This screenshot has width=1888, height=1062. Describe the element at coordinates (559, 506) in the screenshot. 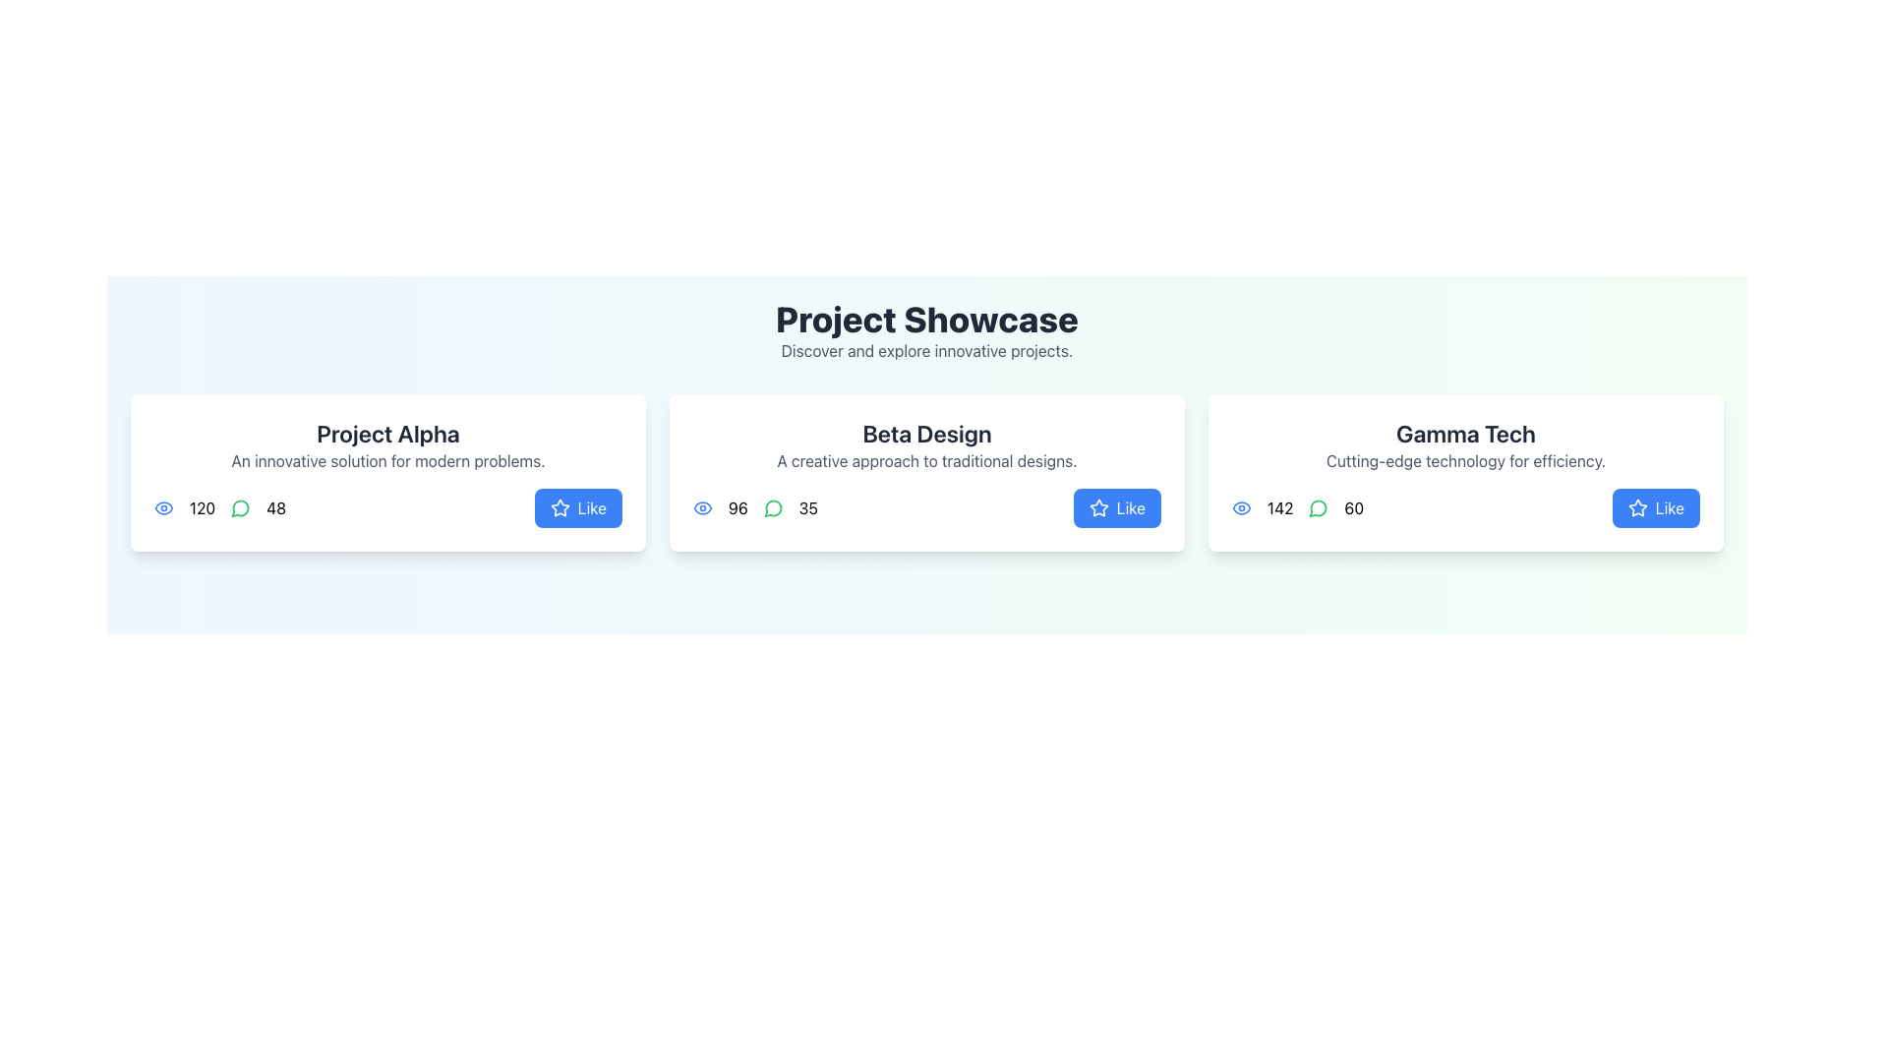

I see `the star SVG icon located within the 'Like' button of the 'Beta Design' card for visual cues` at that location.